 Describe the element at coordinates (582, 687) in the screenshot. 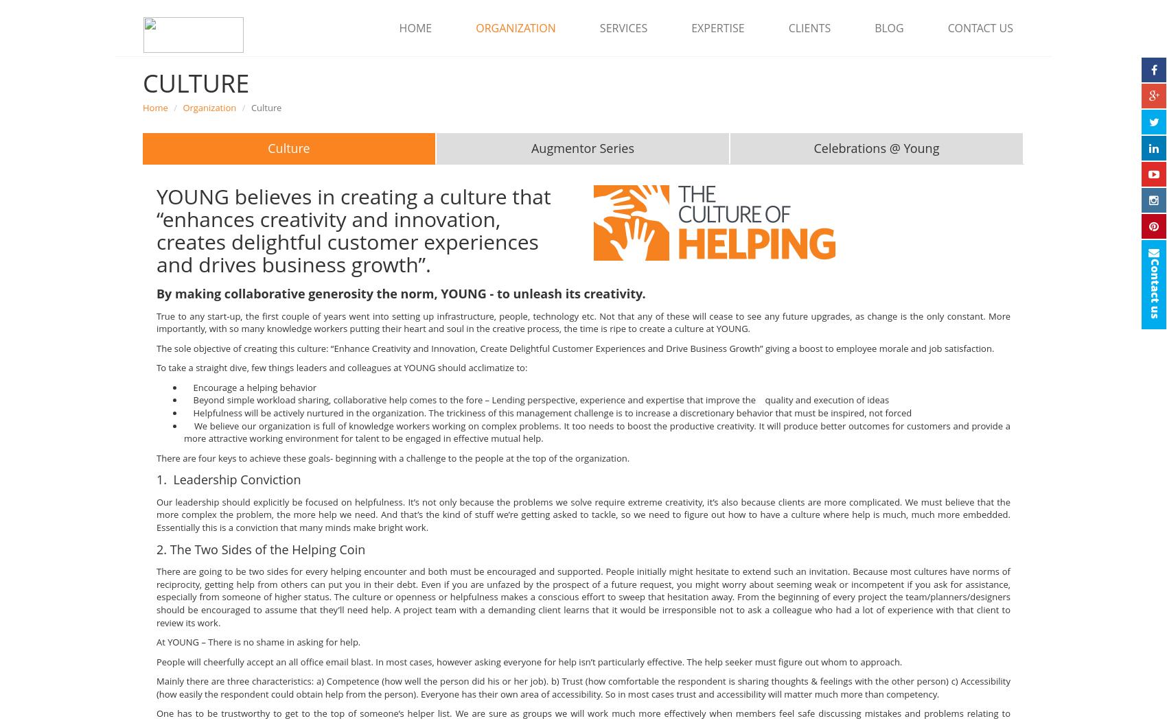

I see `'Mainly there are three characteristics: a) Competence (how well the person did his or her job). b) Trust (how comfortable the respondent is sharing thoughts & feelings with the other person) c) Accessibility (how easily the respondent could obtain help from the person). Everyone has their own area of accessibility. So in most cases trust and accessibility will matter much more than competency.'` at that location.